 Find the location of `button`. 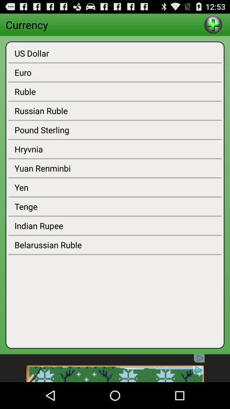

button is located at coordinates (213, 24).